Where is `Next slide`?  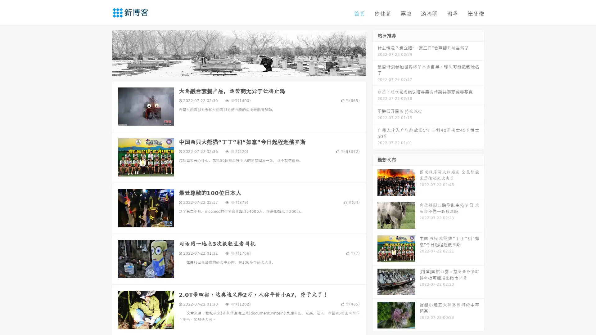
Next slide is located at coordinates (375, 52).